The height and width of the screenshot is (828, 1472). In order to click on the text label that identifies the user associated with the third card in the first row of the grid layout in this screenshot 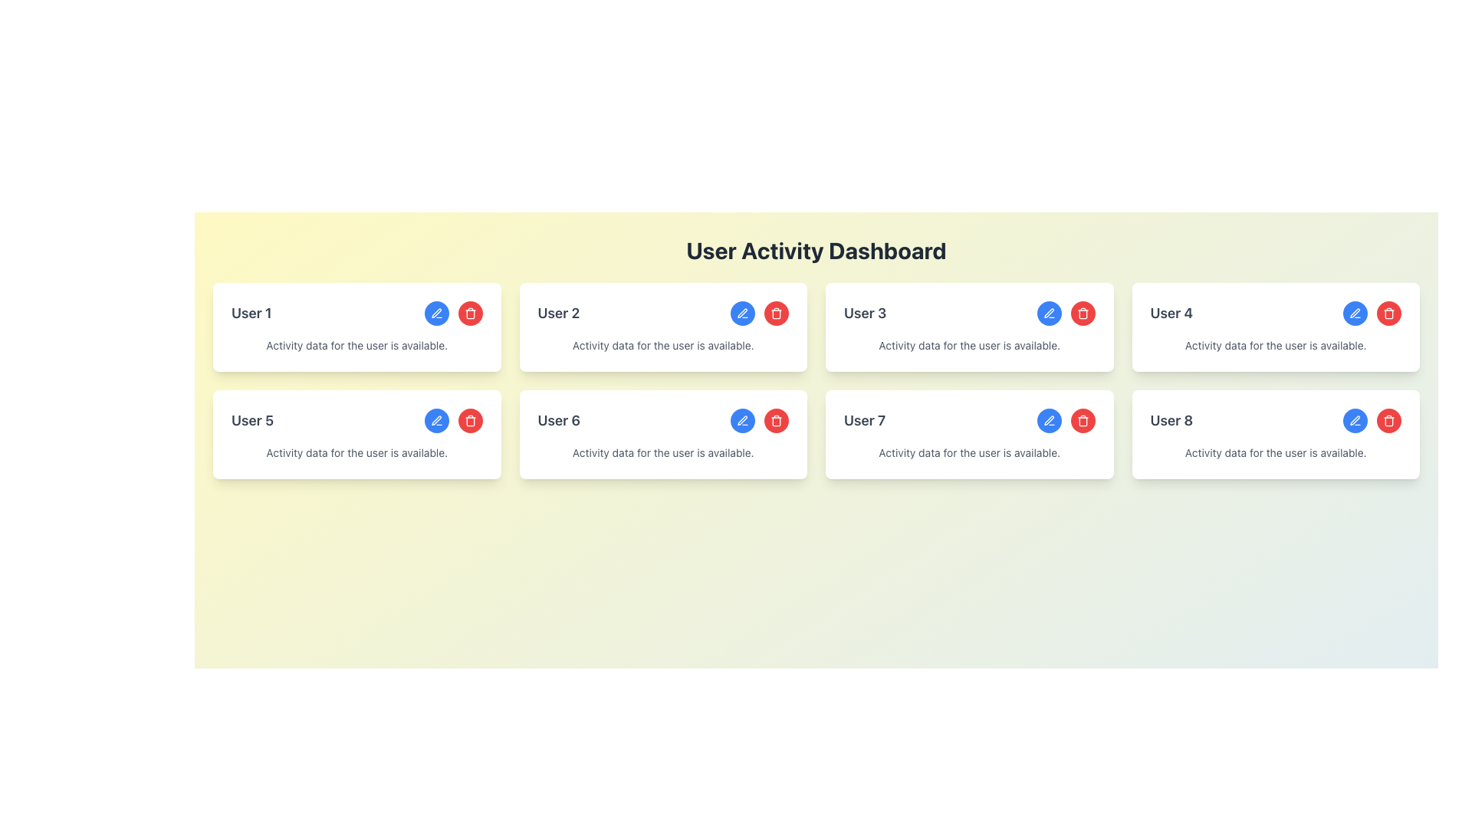, I will do `click(865, 312)`.